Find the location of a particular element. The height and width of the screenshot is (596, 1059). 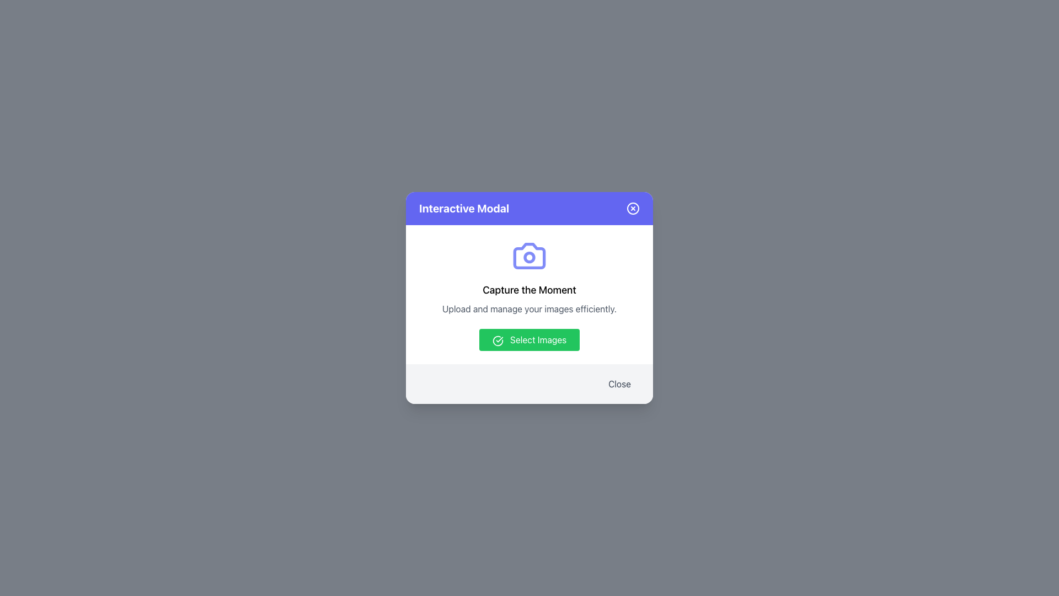

the text element that reads 'Capture the Moment', which is styled with a medium-weight, large font and is centered below a camera icon in the modal window is located at coordinates (529, 289).